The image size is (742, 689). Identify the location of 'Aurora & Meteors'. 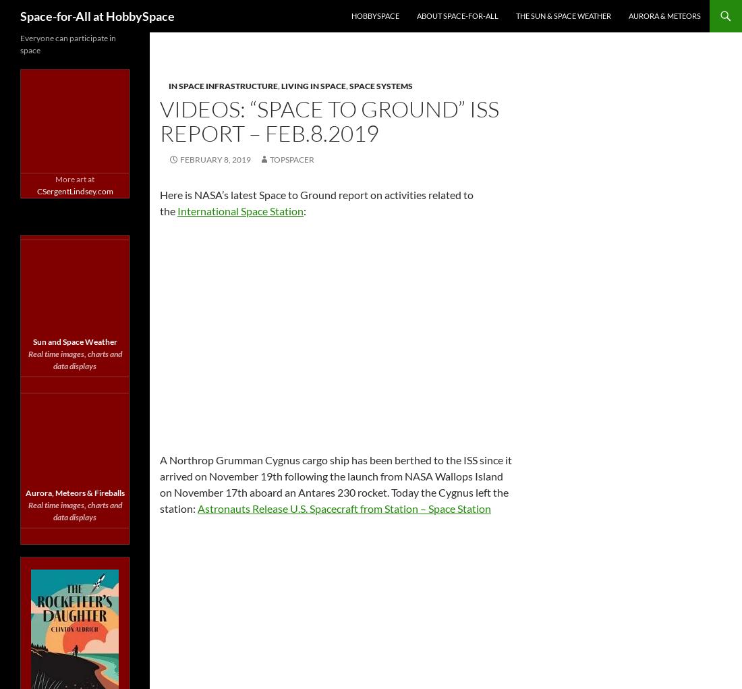
(664, 15).